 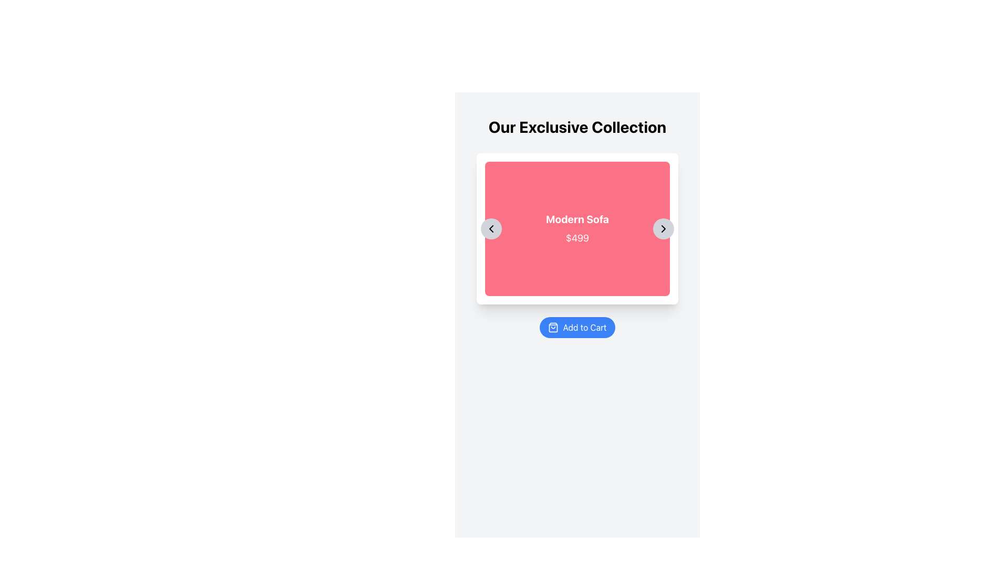 What do you see at coordinates (663, 228) in the screenshot?
I see `the Chevron Icon located within the circular button on the right side of the product card` at bounding box center [663, 228].